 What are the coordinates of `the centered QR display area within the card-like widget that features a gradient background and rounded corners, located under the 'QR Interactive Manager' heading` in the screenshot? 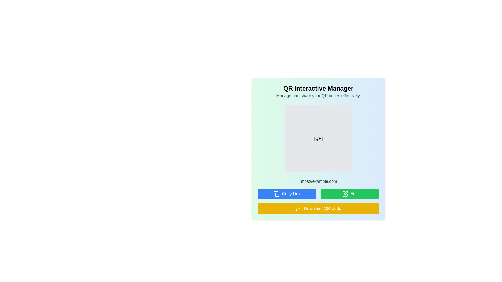 It's located at (318, 138).